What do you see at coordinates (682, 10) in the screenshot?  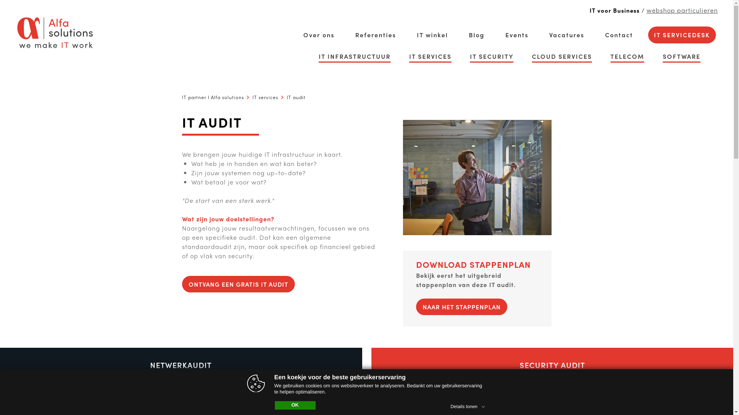 I see `'webshop particulieren'` at bounding box center [682, 10].